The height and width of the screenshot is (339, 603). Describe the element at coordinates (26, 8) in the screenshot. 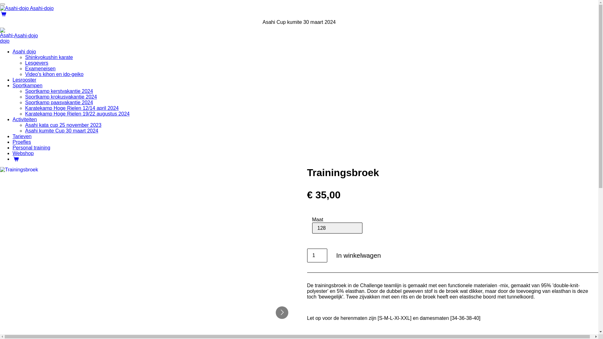

I see `'Asahi-dojo'` at that location.